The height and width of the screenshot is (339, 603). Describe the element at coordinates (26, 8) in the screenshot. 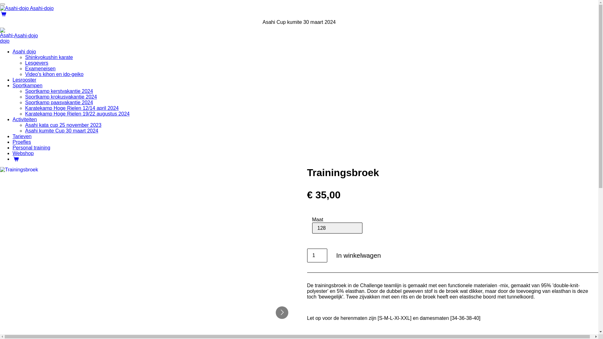

I see `'Asahi-dojo'` at that location.